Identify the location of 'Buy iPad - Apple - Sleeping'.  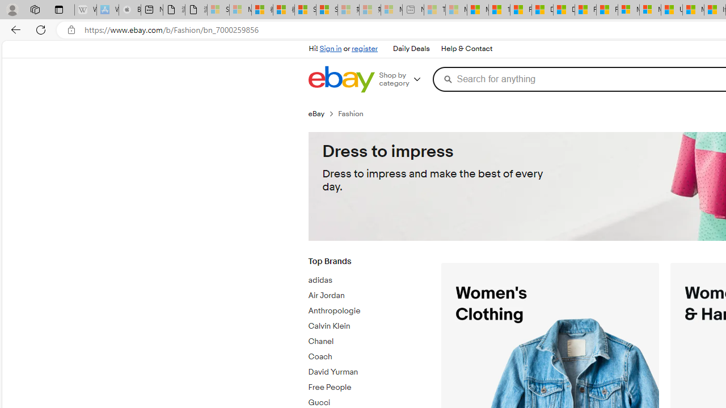
(130, 10).